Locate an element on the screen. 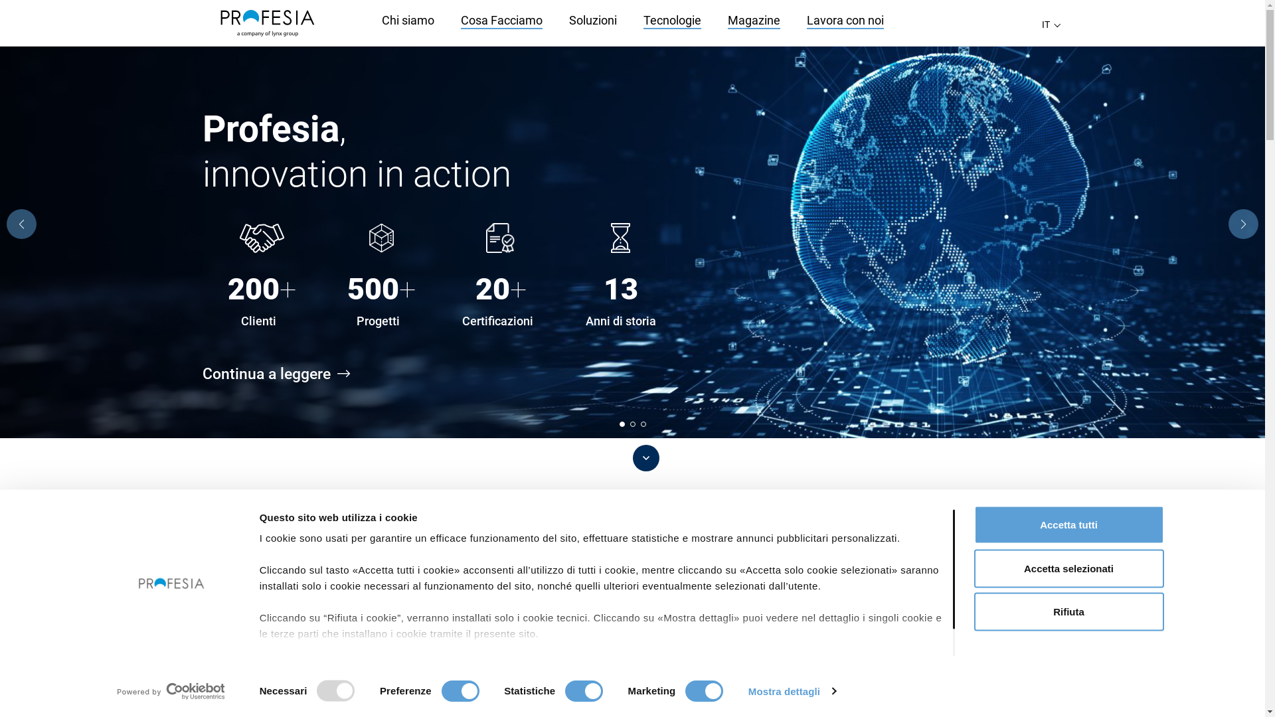 The width and height of the screenshot is (1275, 717). 'Mostra dettagli' is located at coordinates (748, 690).